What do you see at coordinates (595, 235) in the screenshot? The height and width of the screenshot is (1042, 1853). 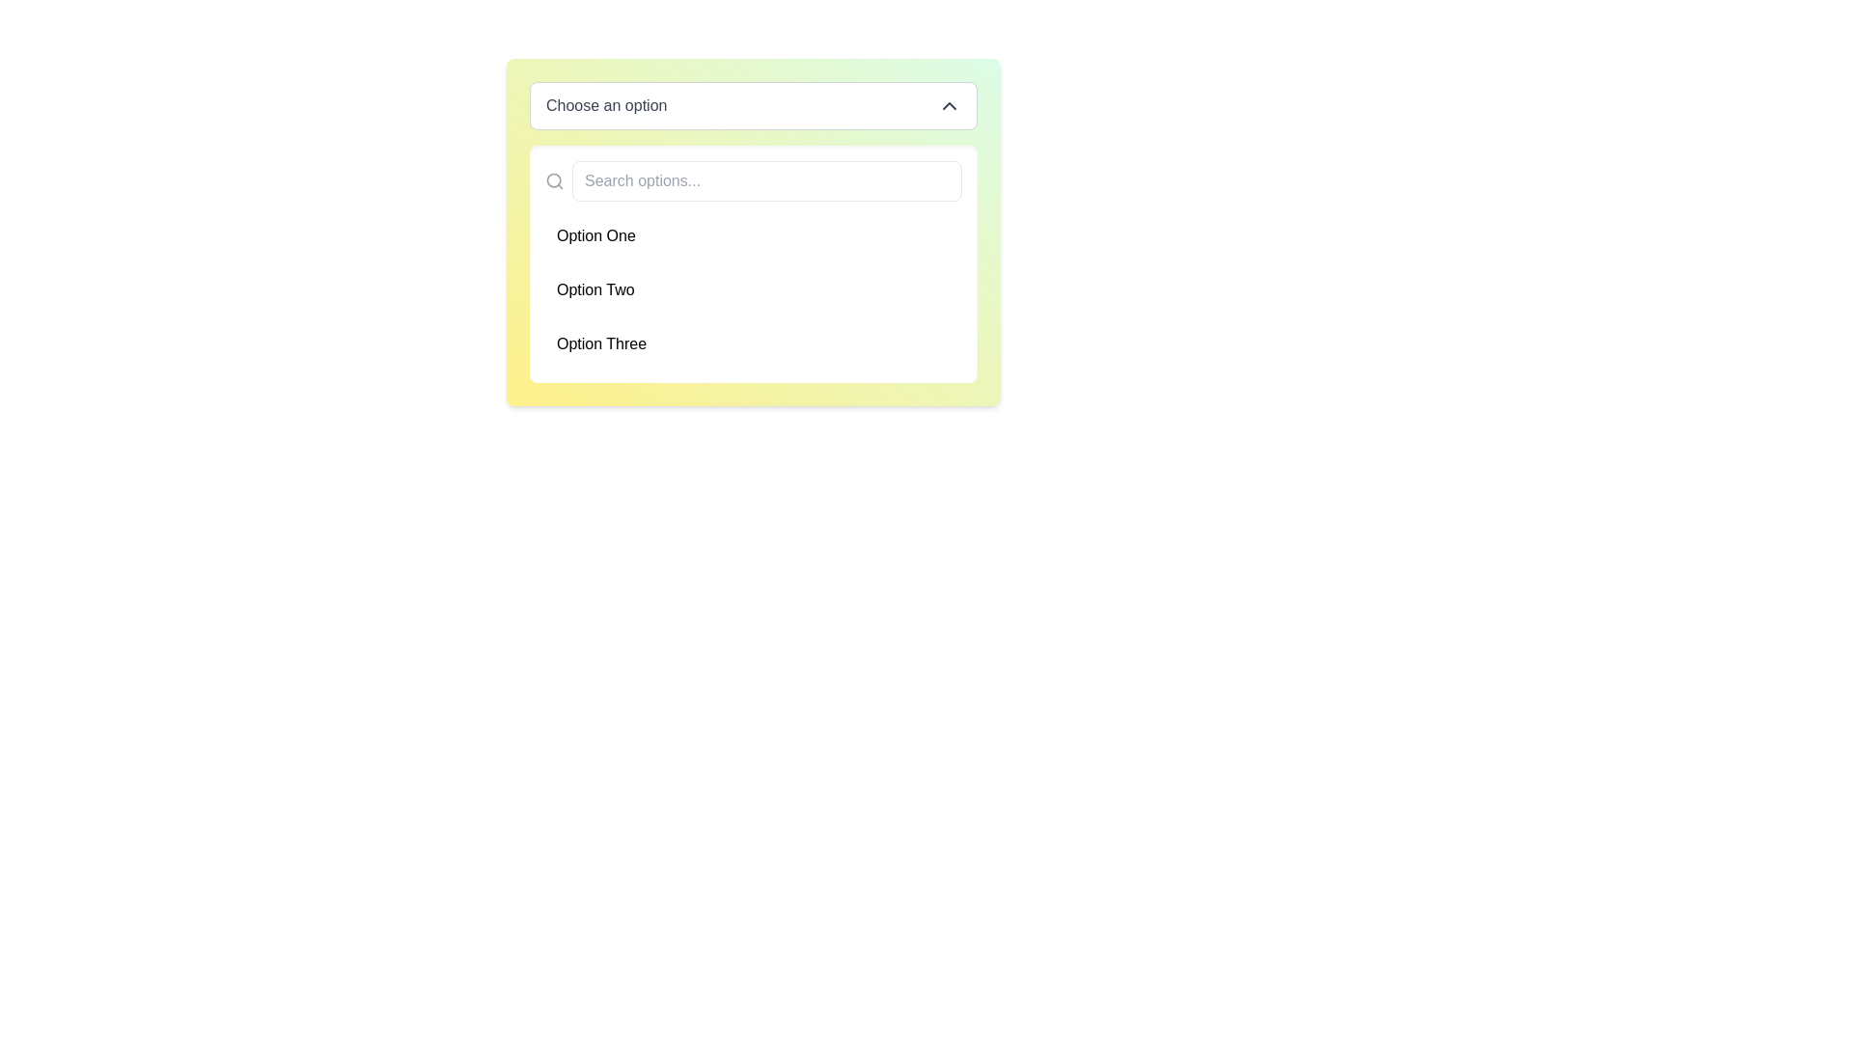 I see `the text item 'Option One'` at bounding box center [595, 235].